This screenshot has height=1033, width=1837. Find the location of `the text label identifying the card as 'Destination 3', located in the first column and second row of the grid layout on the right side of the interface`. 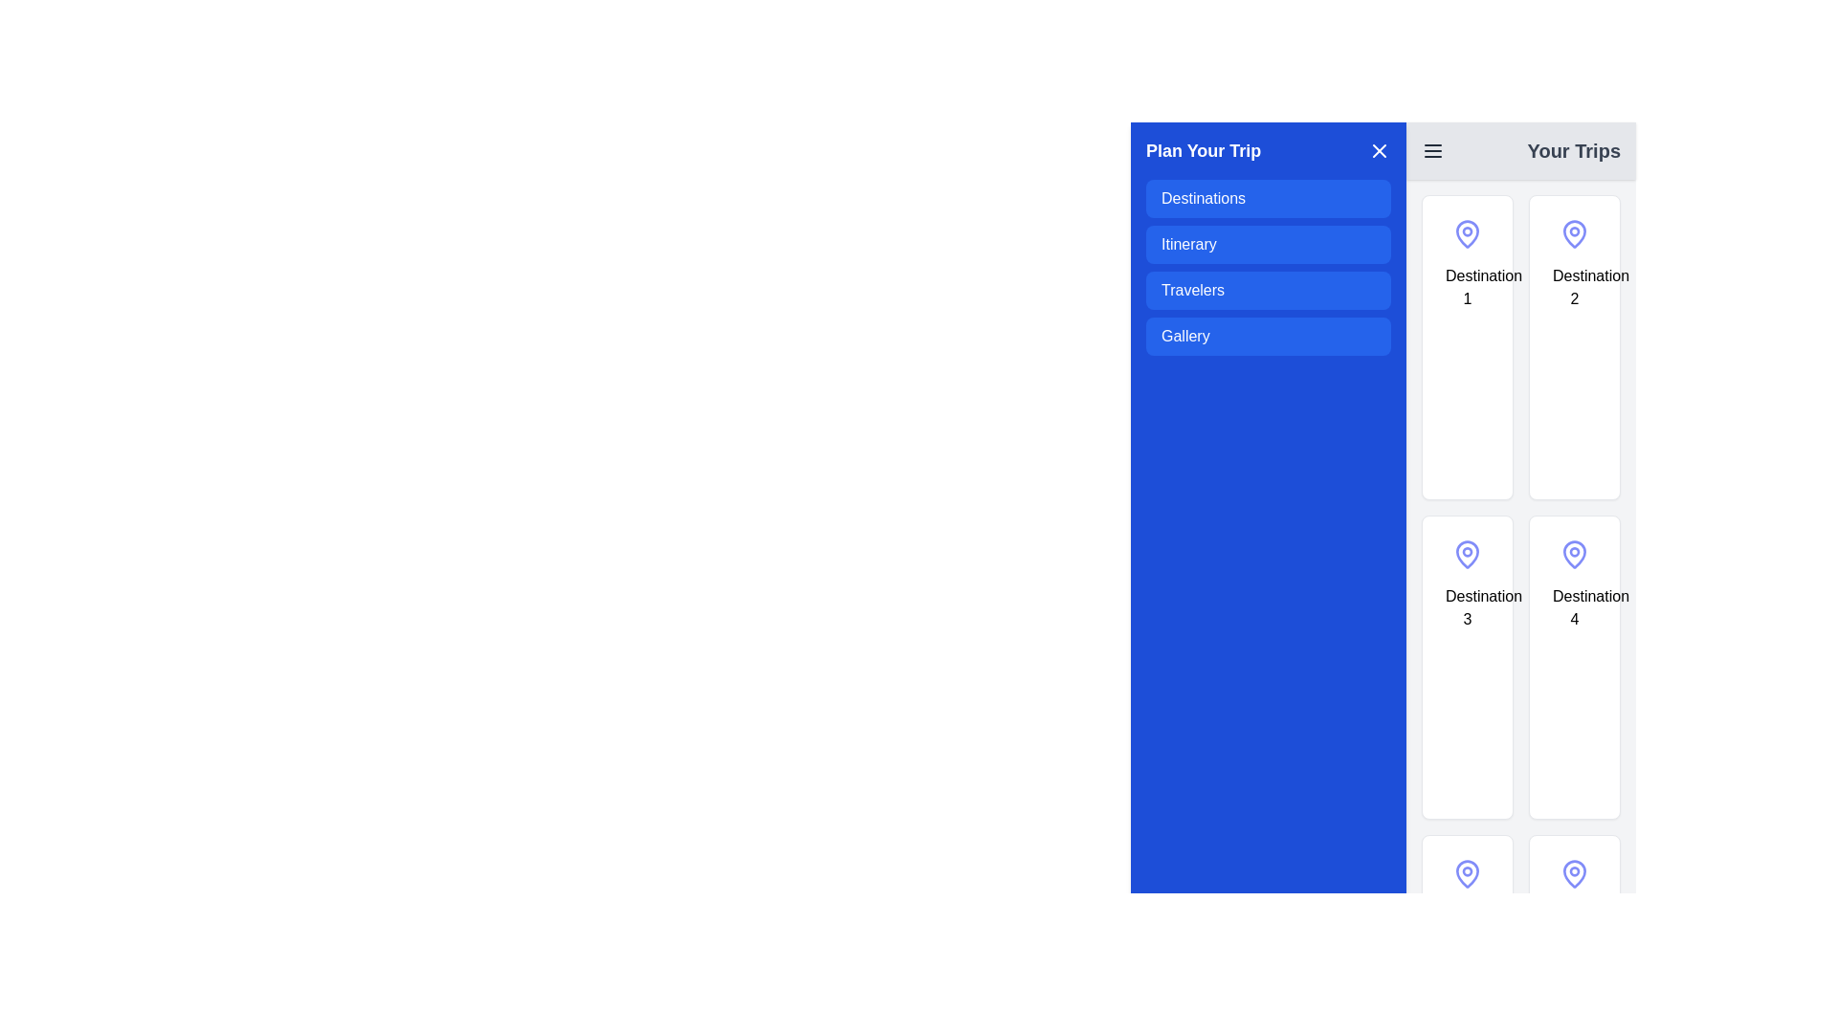

the text label identifying the card as 'Destination 3', located in the first column and second row of the grid layout on the right side of the interface is located at coordinates (1467, 607).